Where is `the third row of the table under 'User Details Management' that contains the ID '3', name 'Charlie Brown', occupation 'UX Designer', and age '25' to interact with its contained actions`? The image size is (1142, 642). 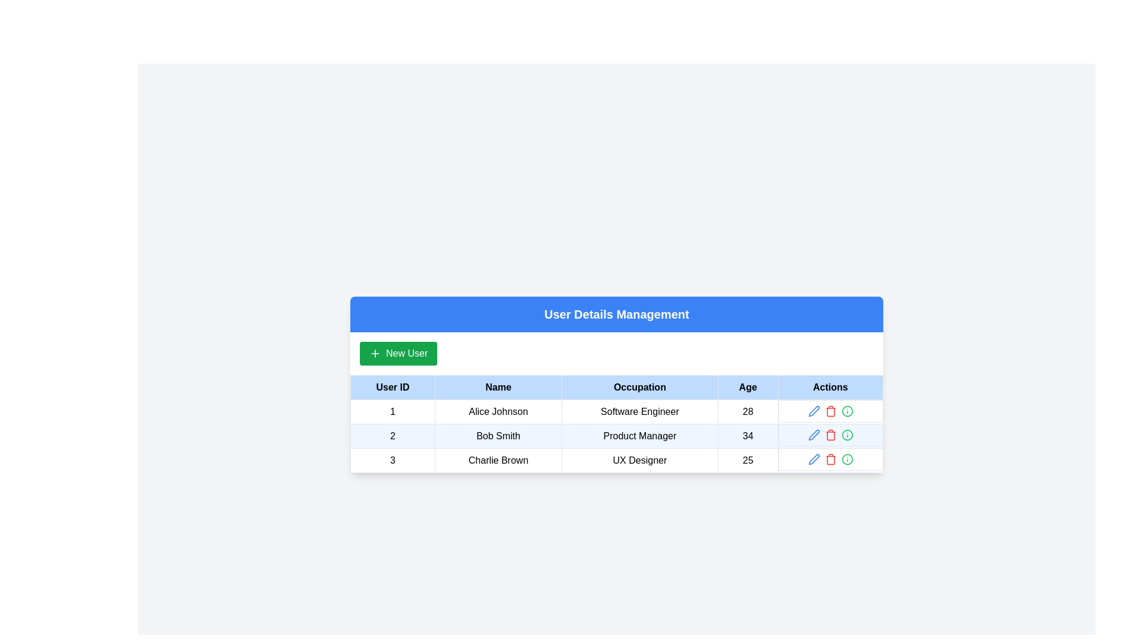
the third row of the table under 'User Details Management' that contains the ID '3', name 'Charlie Brown', occupation 'UX Designer', and age '25' to interact with its contained actions is located at coordinates (616, 460).